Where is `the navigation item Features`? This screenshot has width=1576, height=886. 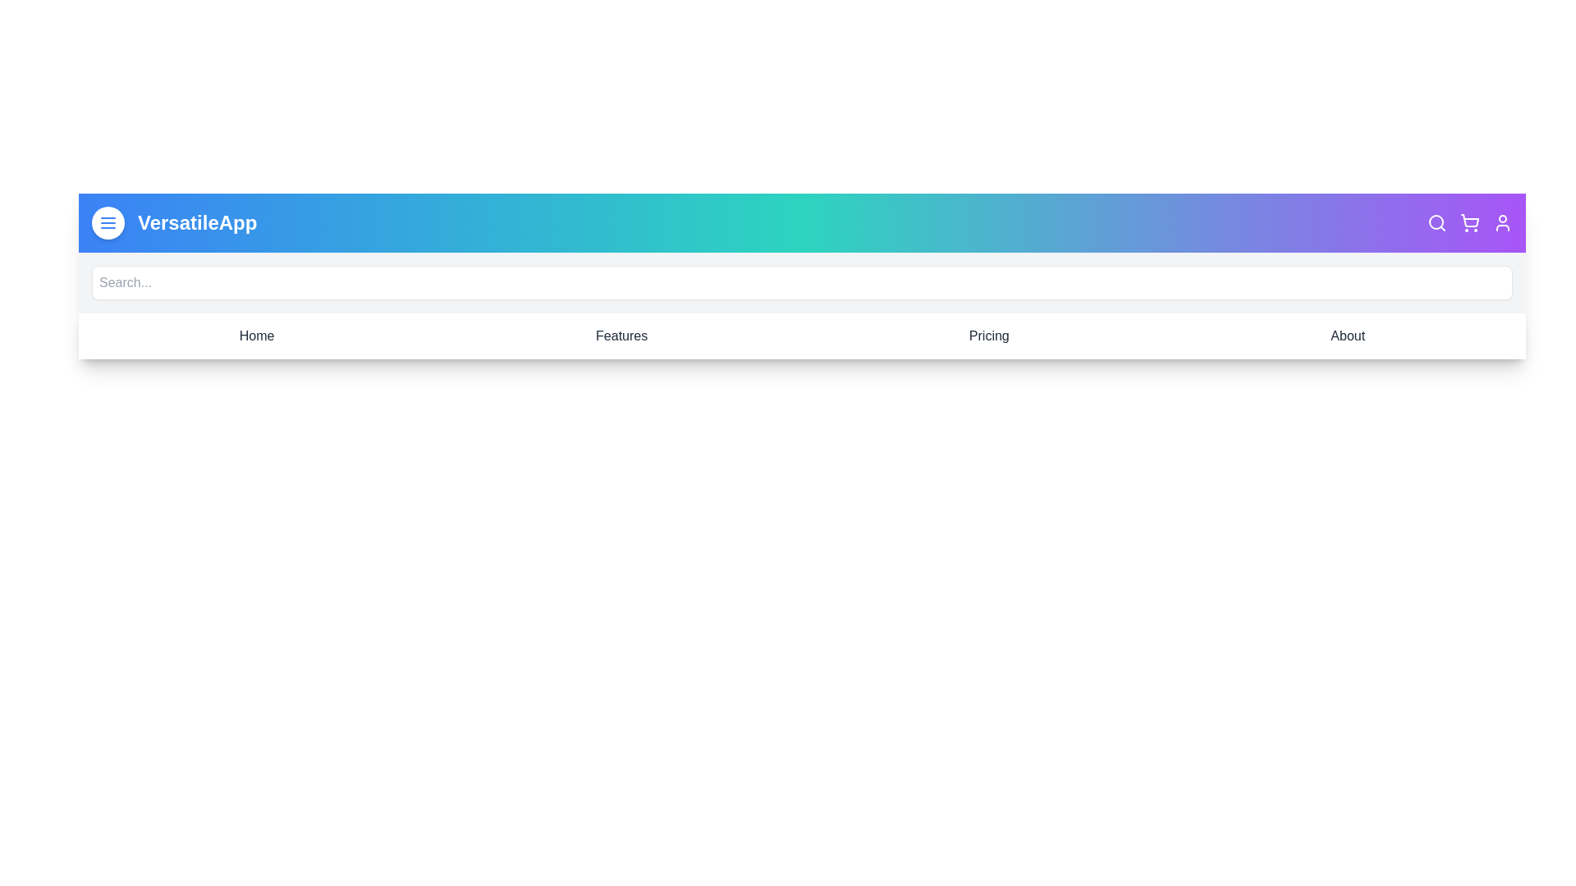 the navigation item Features is located at coordinates (621, 335).